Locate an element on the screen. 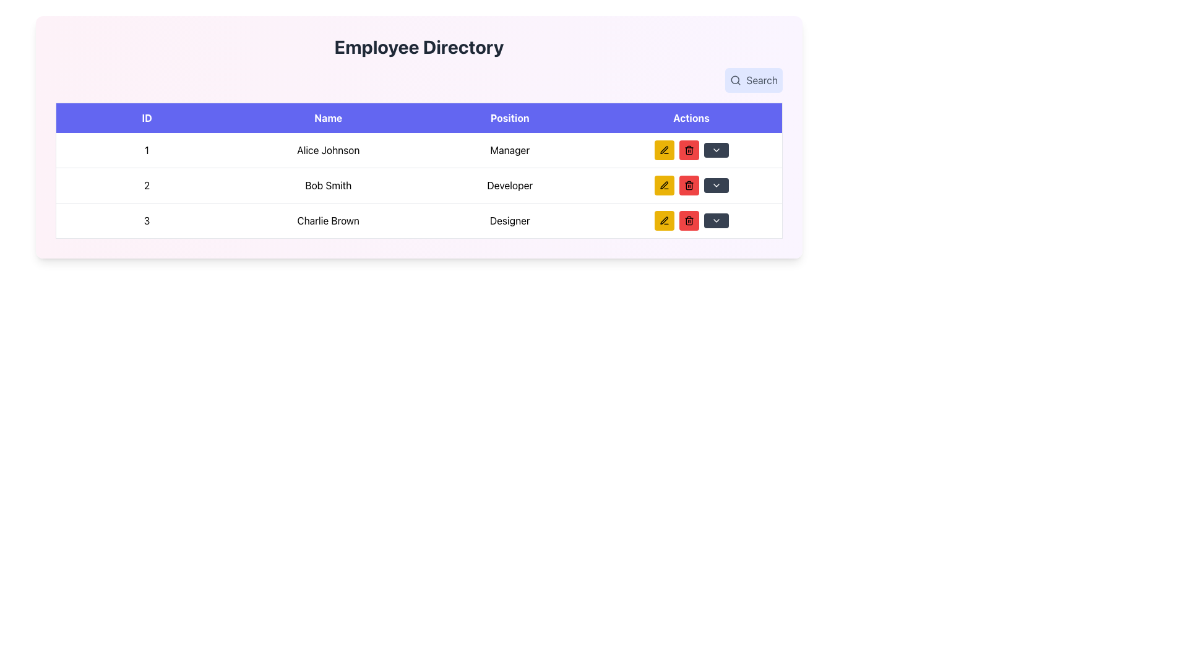  the employee directory table row for 'Charlie Brown', ID '3' is located at coordinates (419, 220).